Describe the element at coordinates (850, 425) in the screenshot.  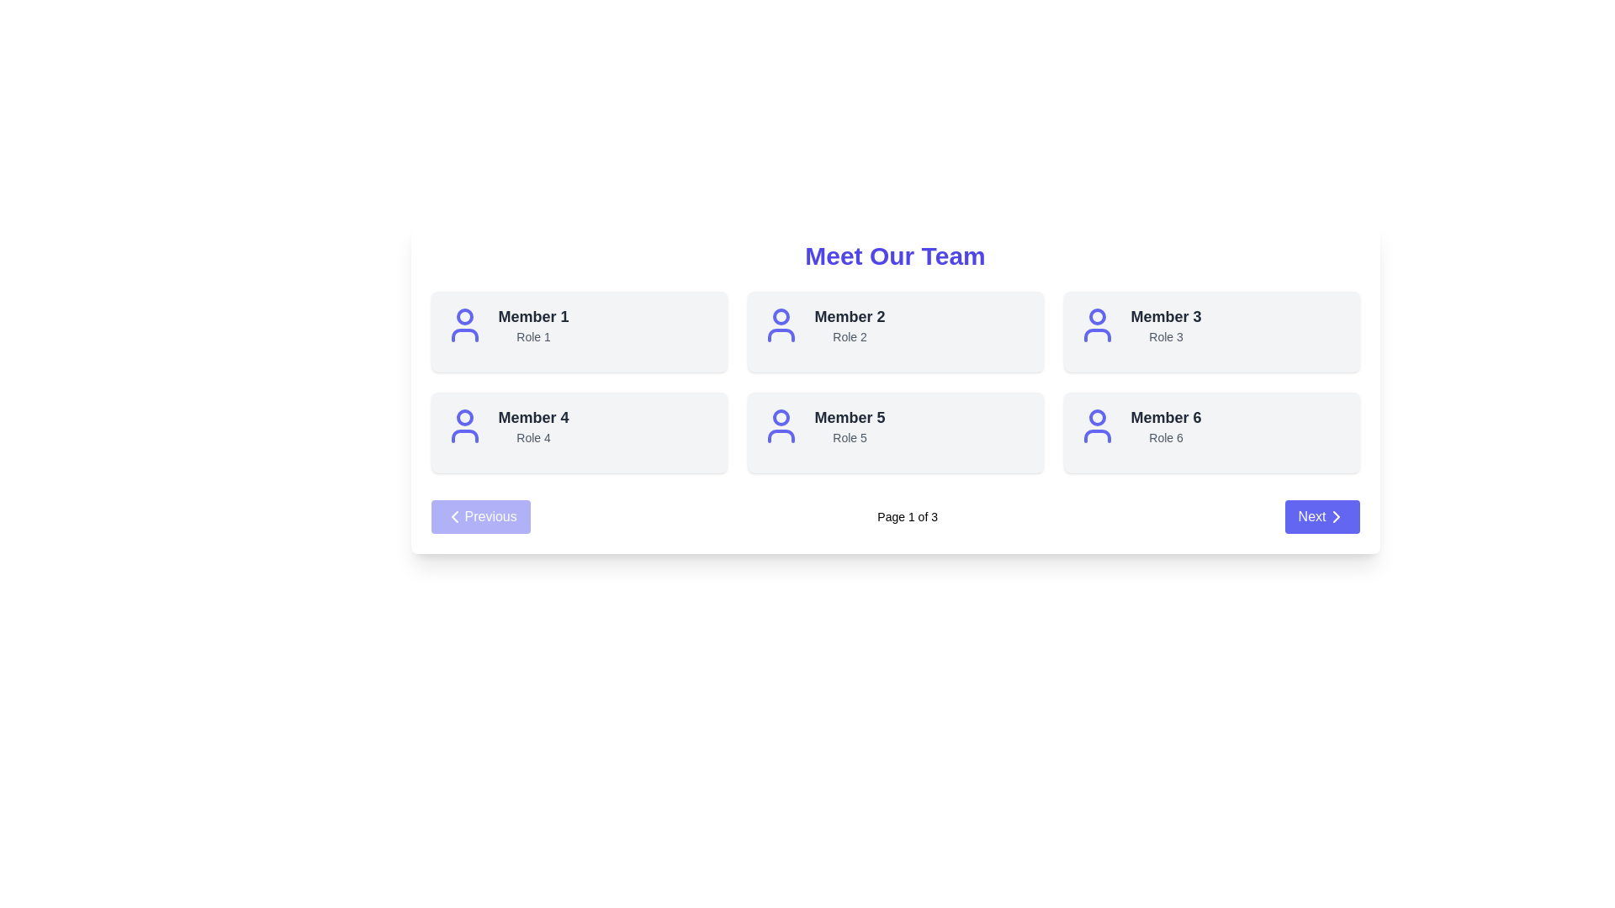
I see `the label displaying 'Member 5' with the role 'Role 5', located in the second row, third column of the team member grid` at that location.